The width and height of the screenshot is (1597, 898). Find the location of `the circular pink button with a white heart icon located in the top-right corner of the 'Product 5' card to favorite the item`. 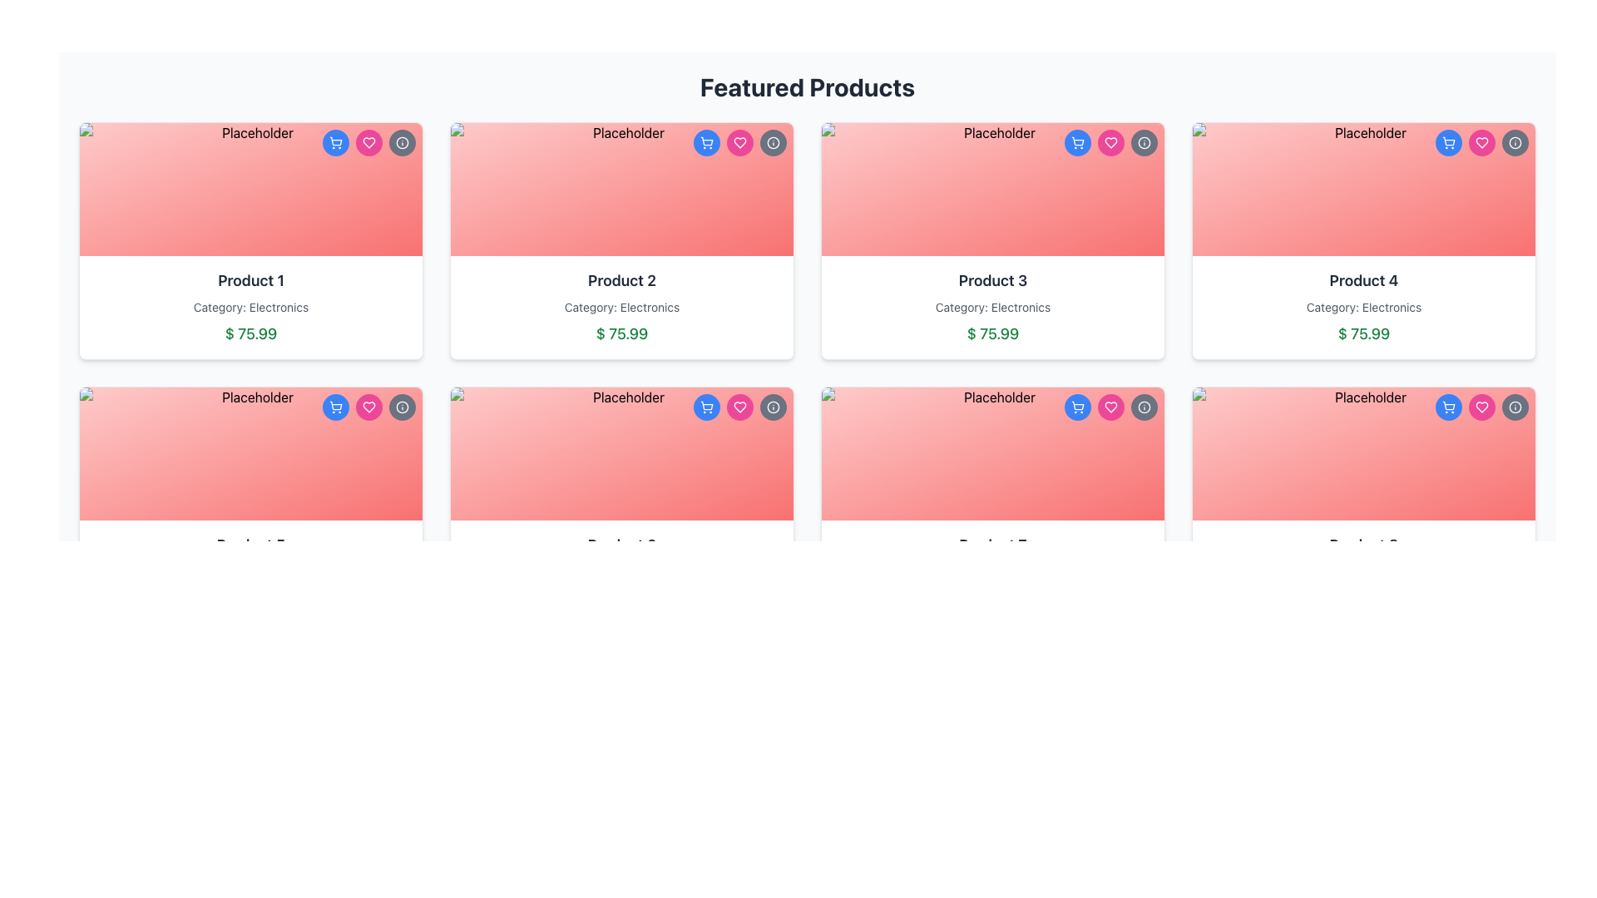

the circular pink button with a white heart icon located in the top-right corner of the 'Product 5' card to favorite the item is located at coordinates (368, 407).